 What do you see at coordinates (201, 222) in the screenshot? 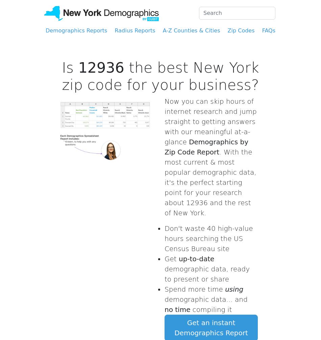
I see `'very reasonable price'` at bounding box center [201, 222].